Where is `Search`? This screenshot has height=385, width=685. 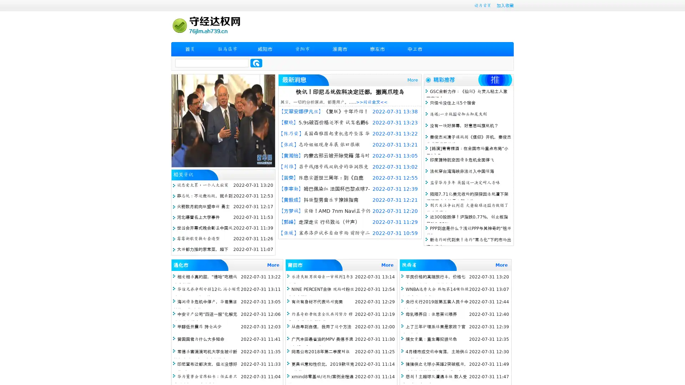
Search is located at coordinates (256, 63).